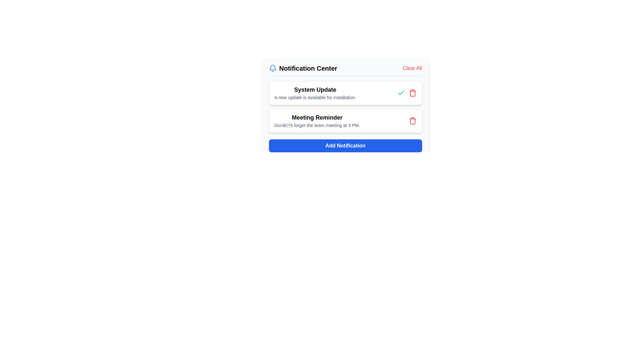 The image size is (623, 350). What do you see at coordinates (412, 68) in the screenshot?
I see `the hyperlink in the upper-right corner of the Notification Center` at bounding box center [412, 68].